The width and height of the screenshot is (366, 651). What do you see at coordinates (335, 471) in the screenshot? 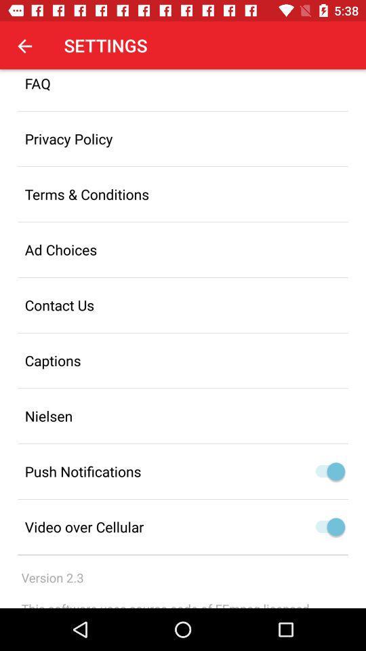
I see `to on option` at bounding box center [335, 471].